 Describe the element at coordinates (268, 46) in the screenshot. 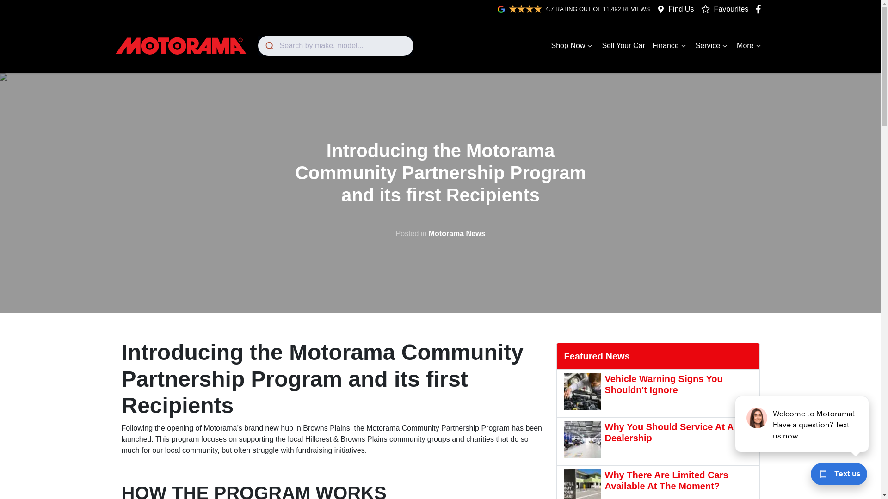

I see `'Submit'` at that location.